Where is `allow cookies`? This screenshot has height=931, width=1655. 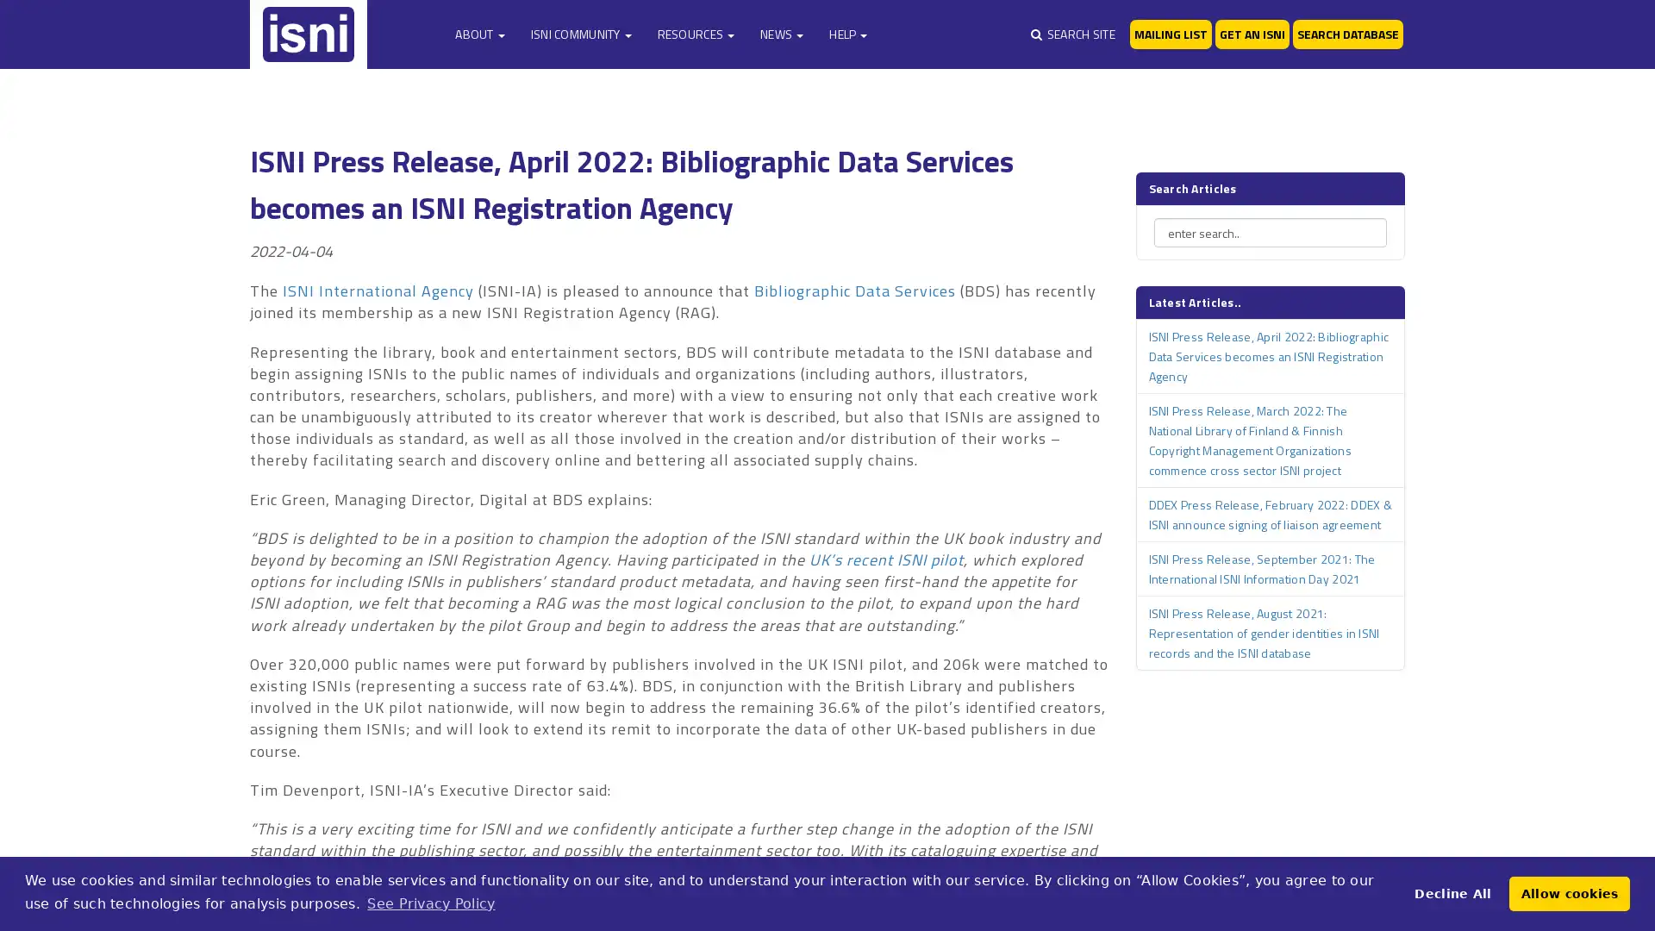 allow cookies is located at coordinates (1569, 892).